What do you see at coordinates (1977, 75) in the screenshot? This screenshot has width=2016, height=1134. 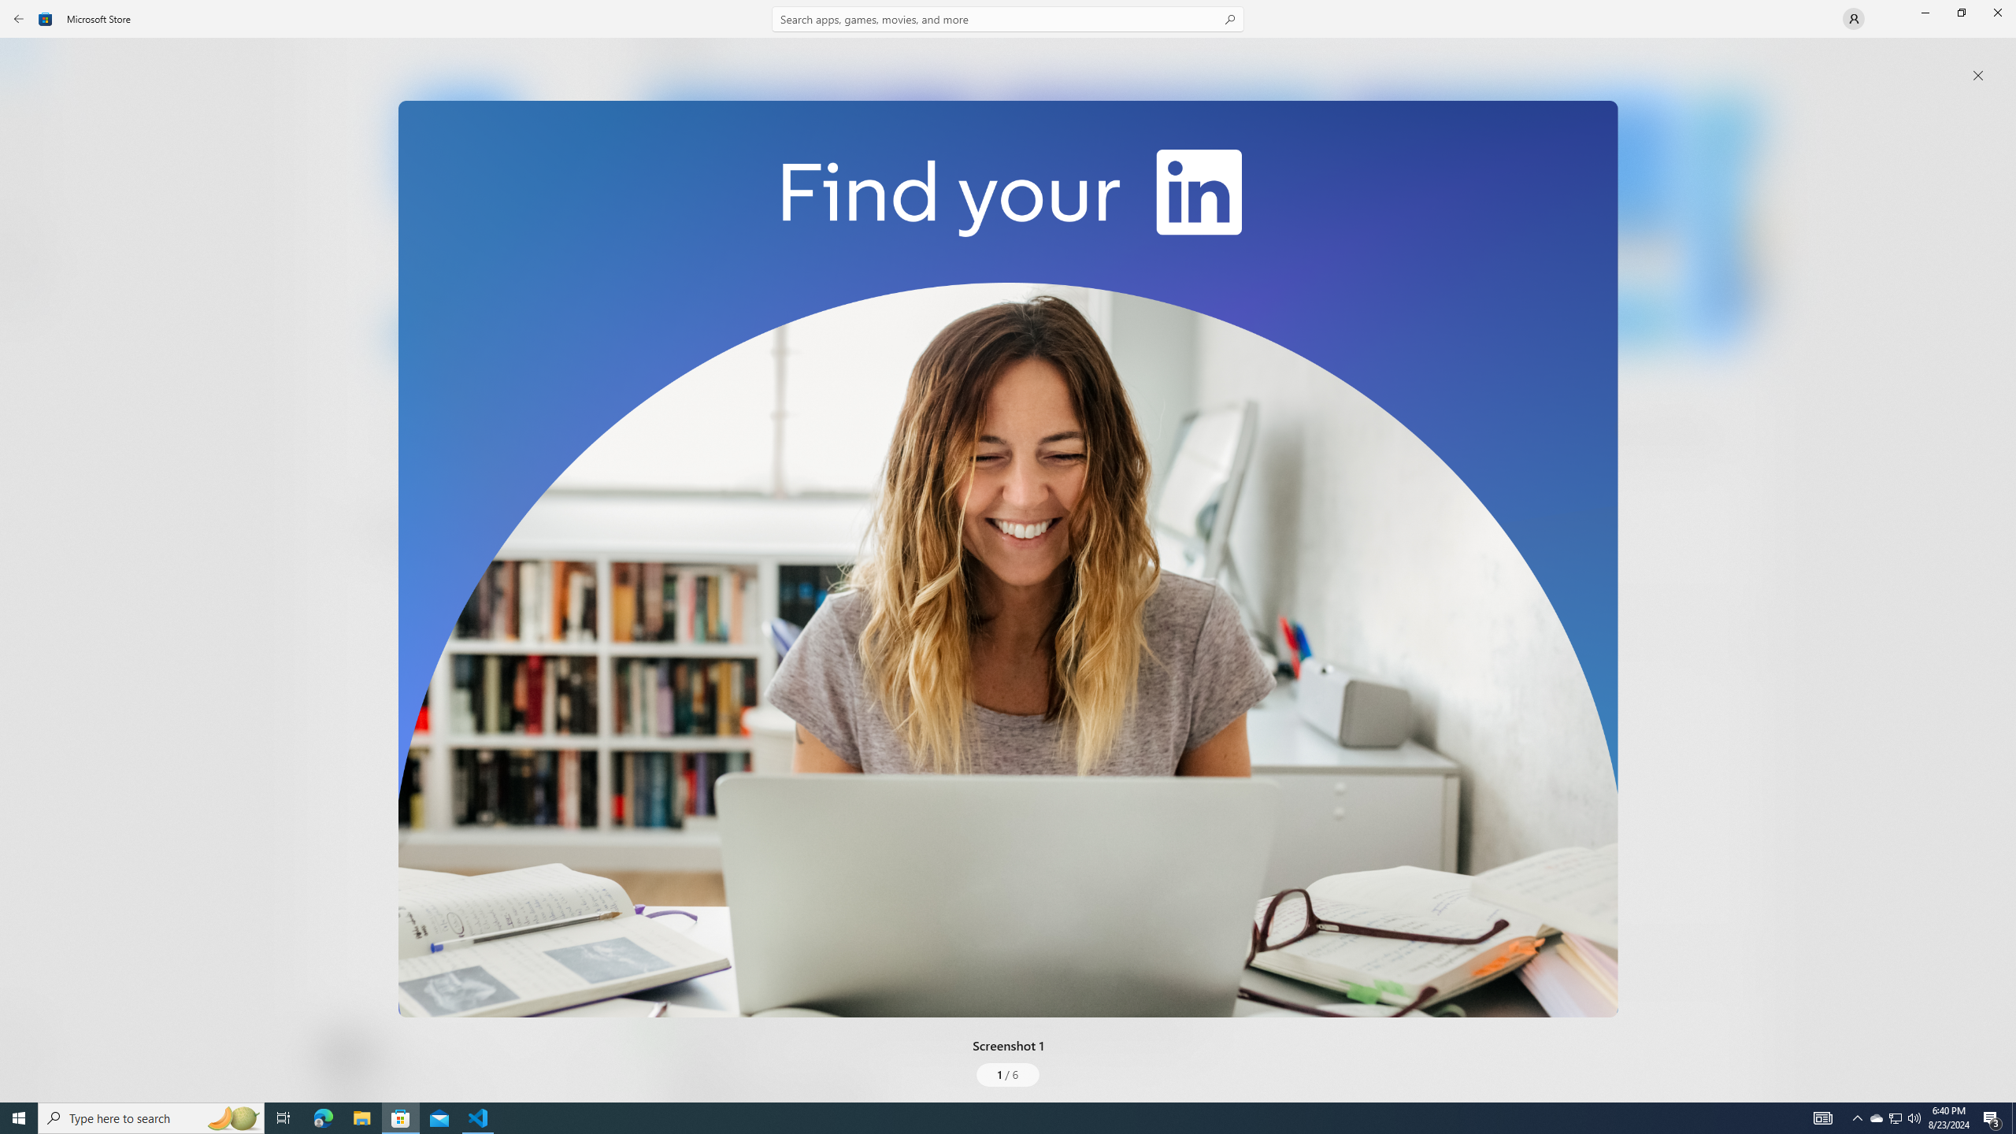 I see `'close popup window'` at bounding box center [1977, 75].